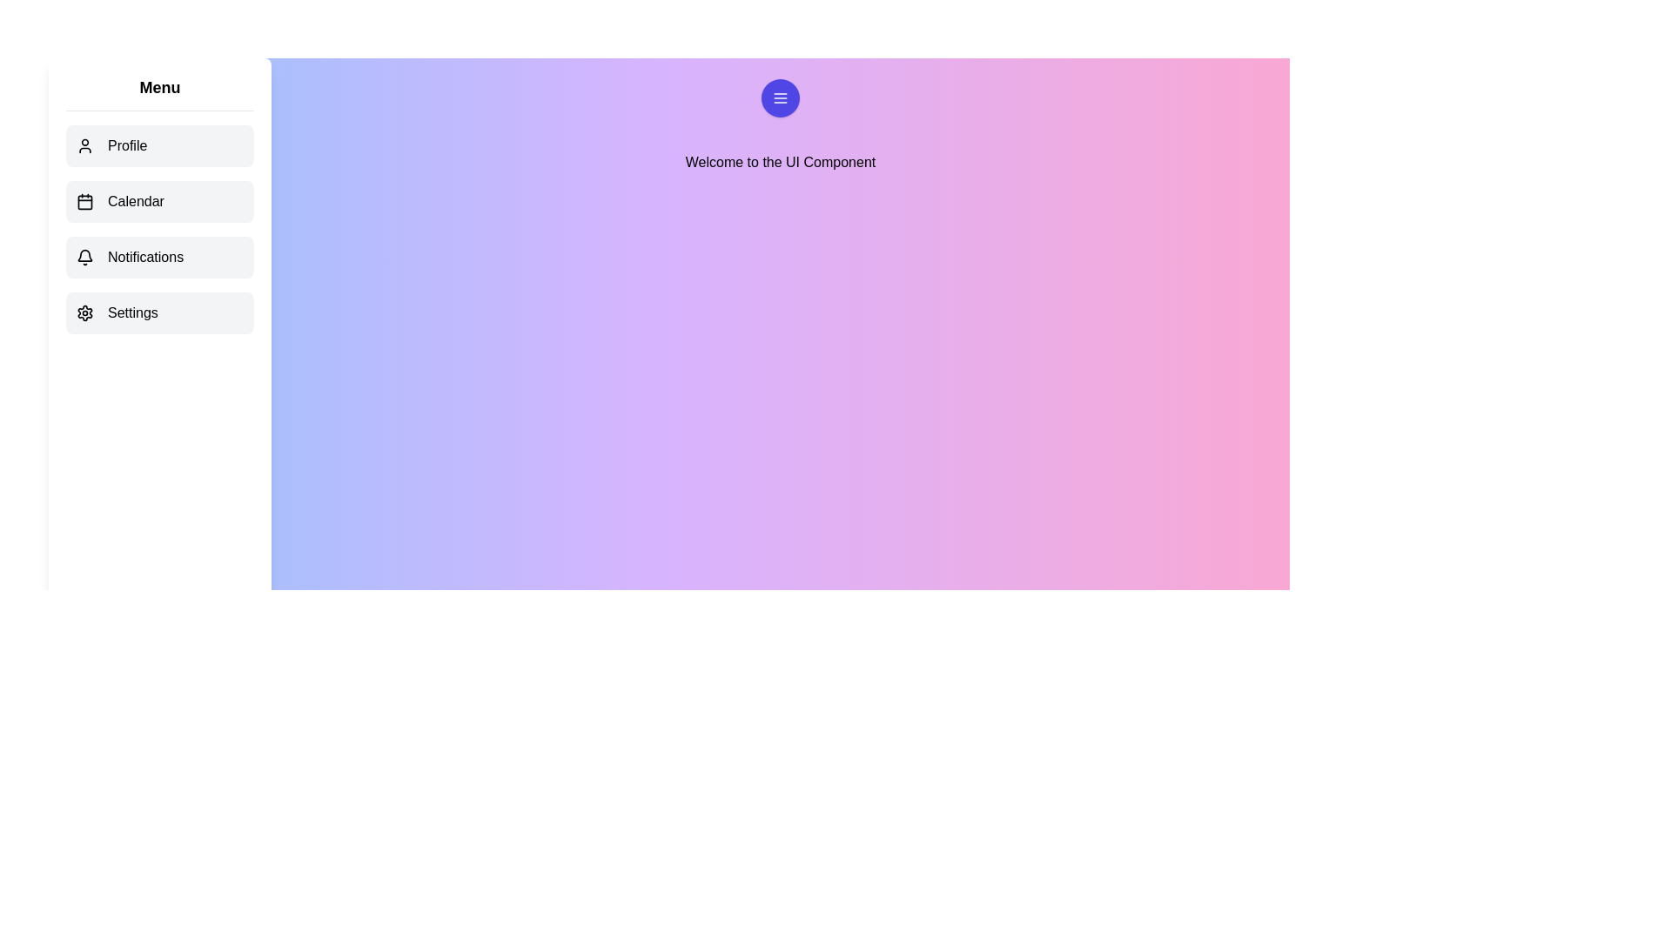  What do you see at coordinates (159, 258) in the screenshot?
I see `the menu item Notifications from the menu` at bounding box center [159, 258].